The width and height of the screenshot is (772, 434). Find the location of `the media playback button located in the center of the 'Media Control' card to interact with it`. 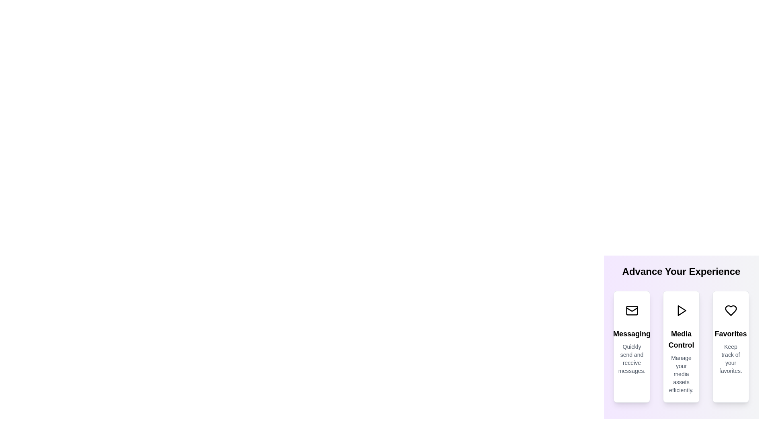

the media playback button located in the center of the 'Media Control' card to interact with it is located at coordinates (681, 310).